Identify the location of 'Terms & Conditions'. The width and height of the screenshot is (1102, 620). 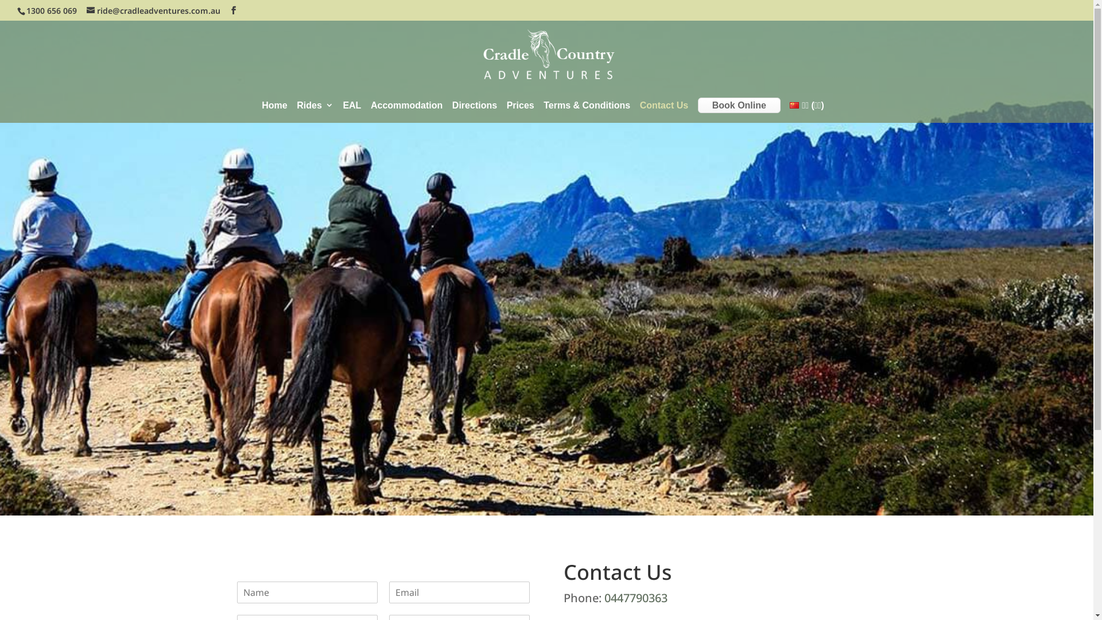
(587, 112).